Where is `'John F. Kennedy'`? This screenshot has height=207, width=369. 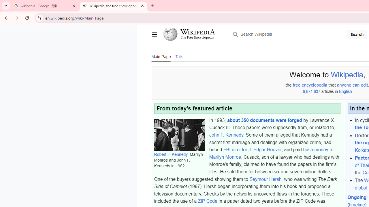 'John F. Kennedy' is located at coordinates (226, 135).